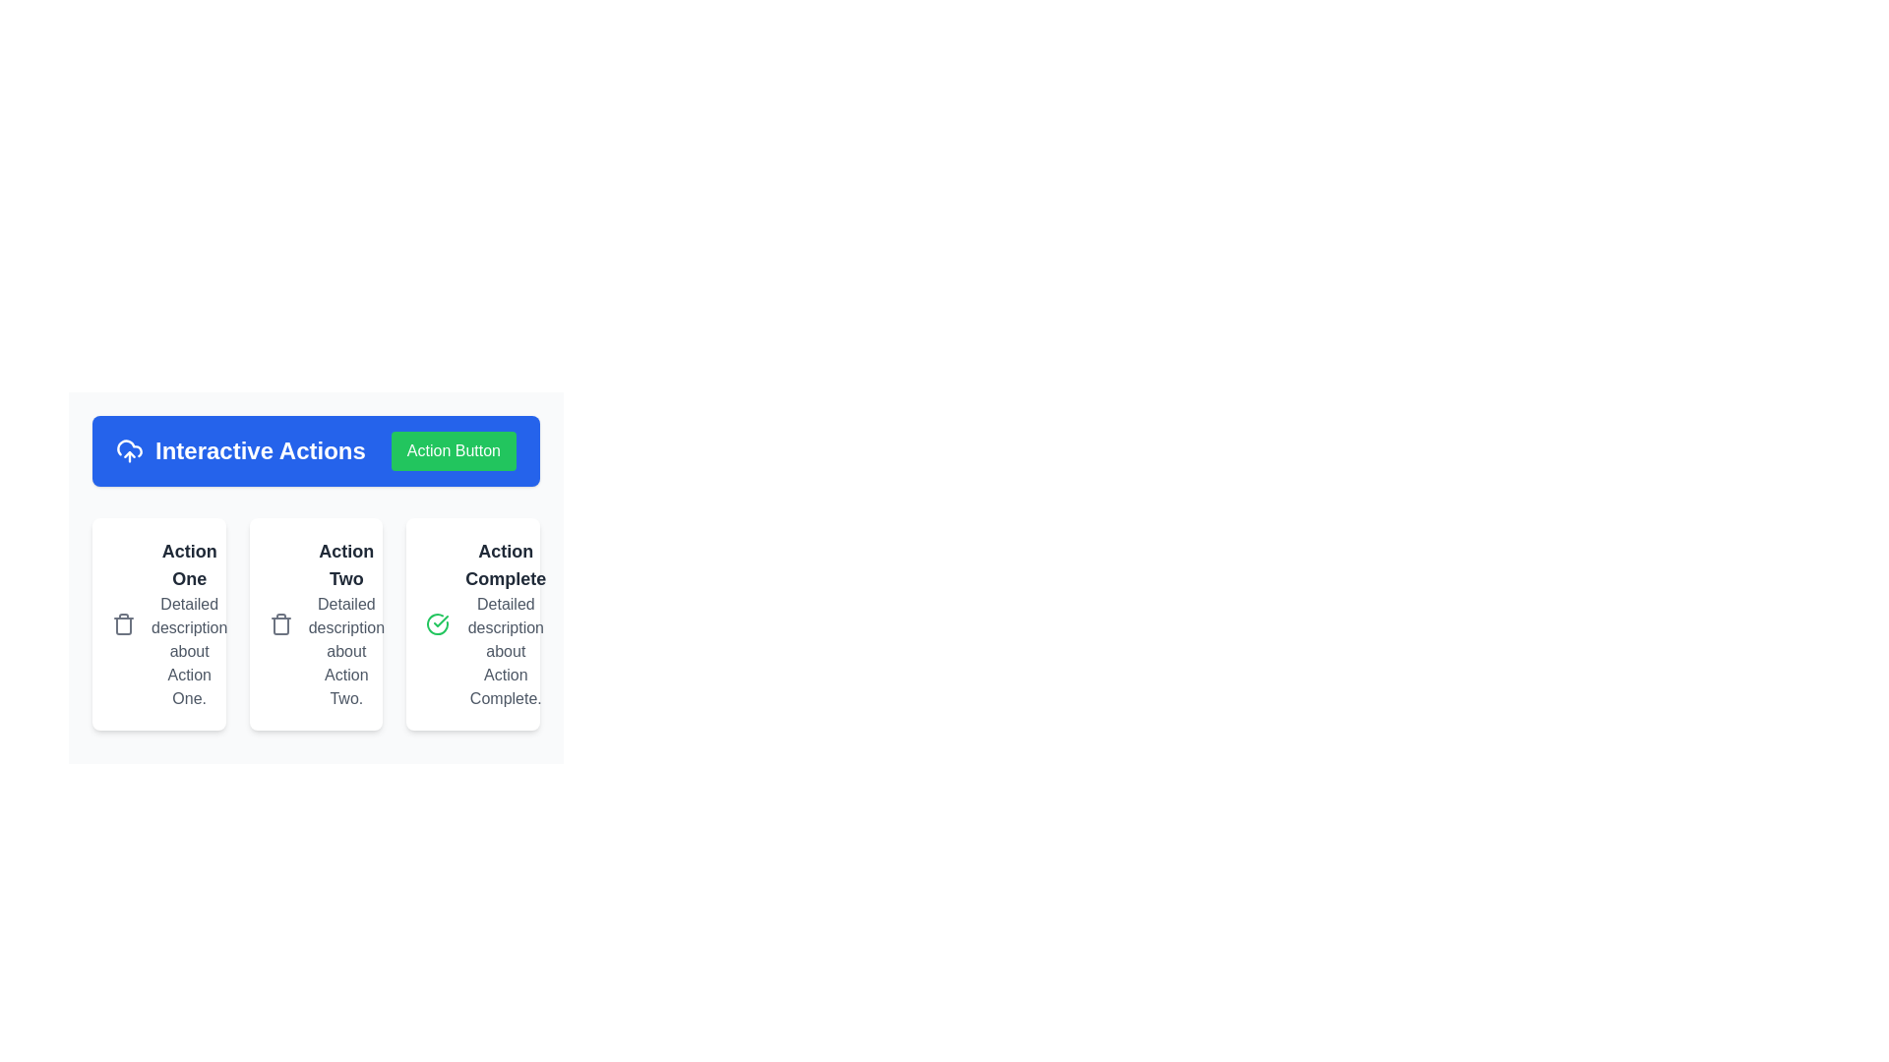  I want to click on the upload icon representing cloud storage functionality, located as the leftmost icon in the horizontal layout next to the 'Interactive Actions' heading, so click(129, 451).